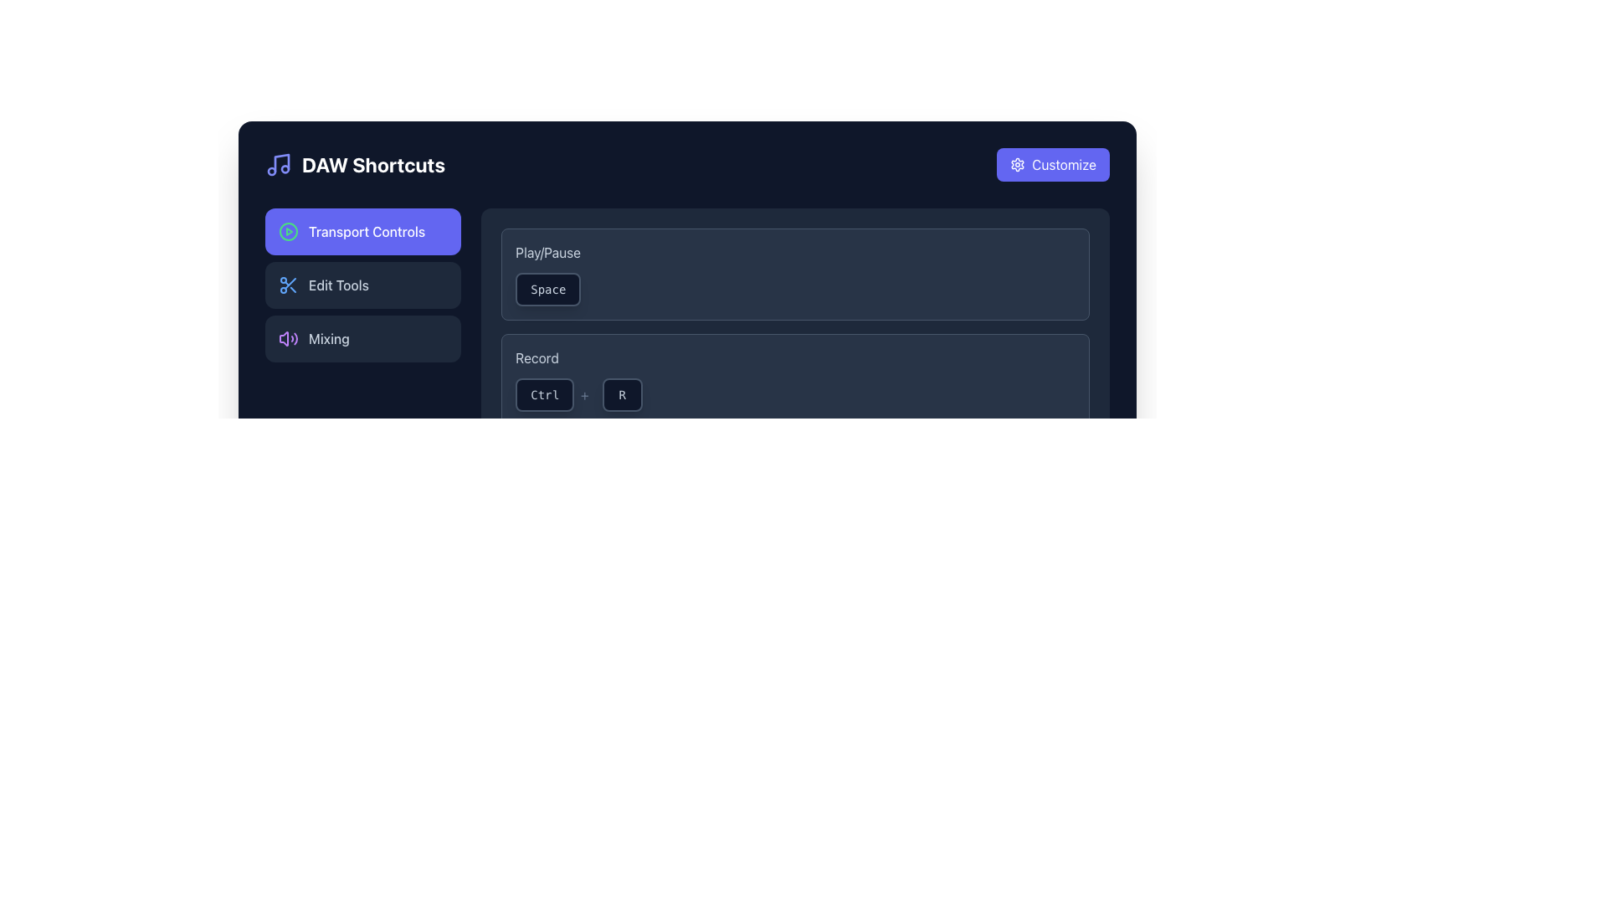 The image size is (1607, 904). Describe the element at coordinates (289, 232) in the screenshot. I see `the circular play icon with a green outline and triangular play symbol, located to the left of the 'Transport Controls' text within the blue button in the left navigation sidebar` at that location.